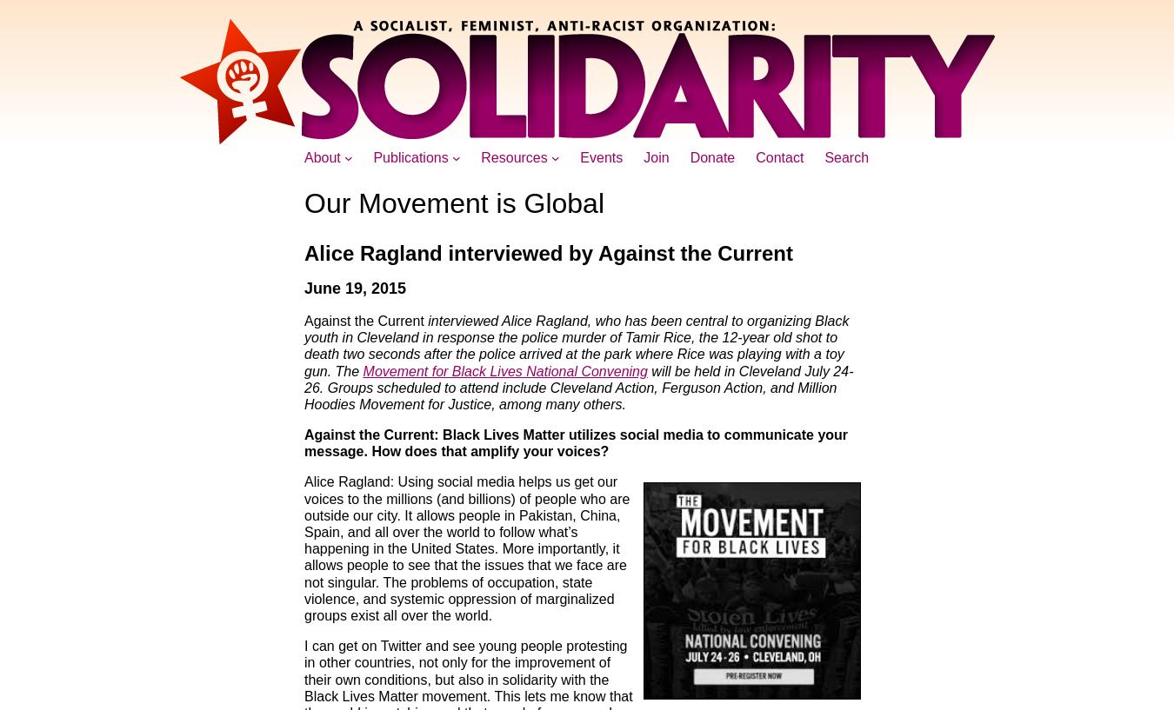 This screenshot has width=1174, height=710. I want to click on 'Donate', so click(712, 156).